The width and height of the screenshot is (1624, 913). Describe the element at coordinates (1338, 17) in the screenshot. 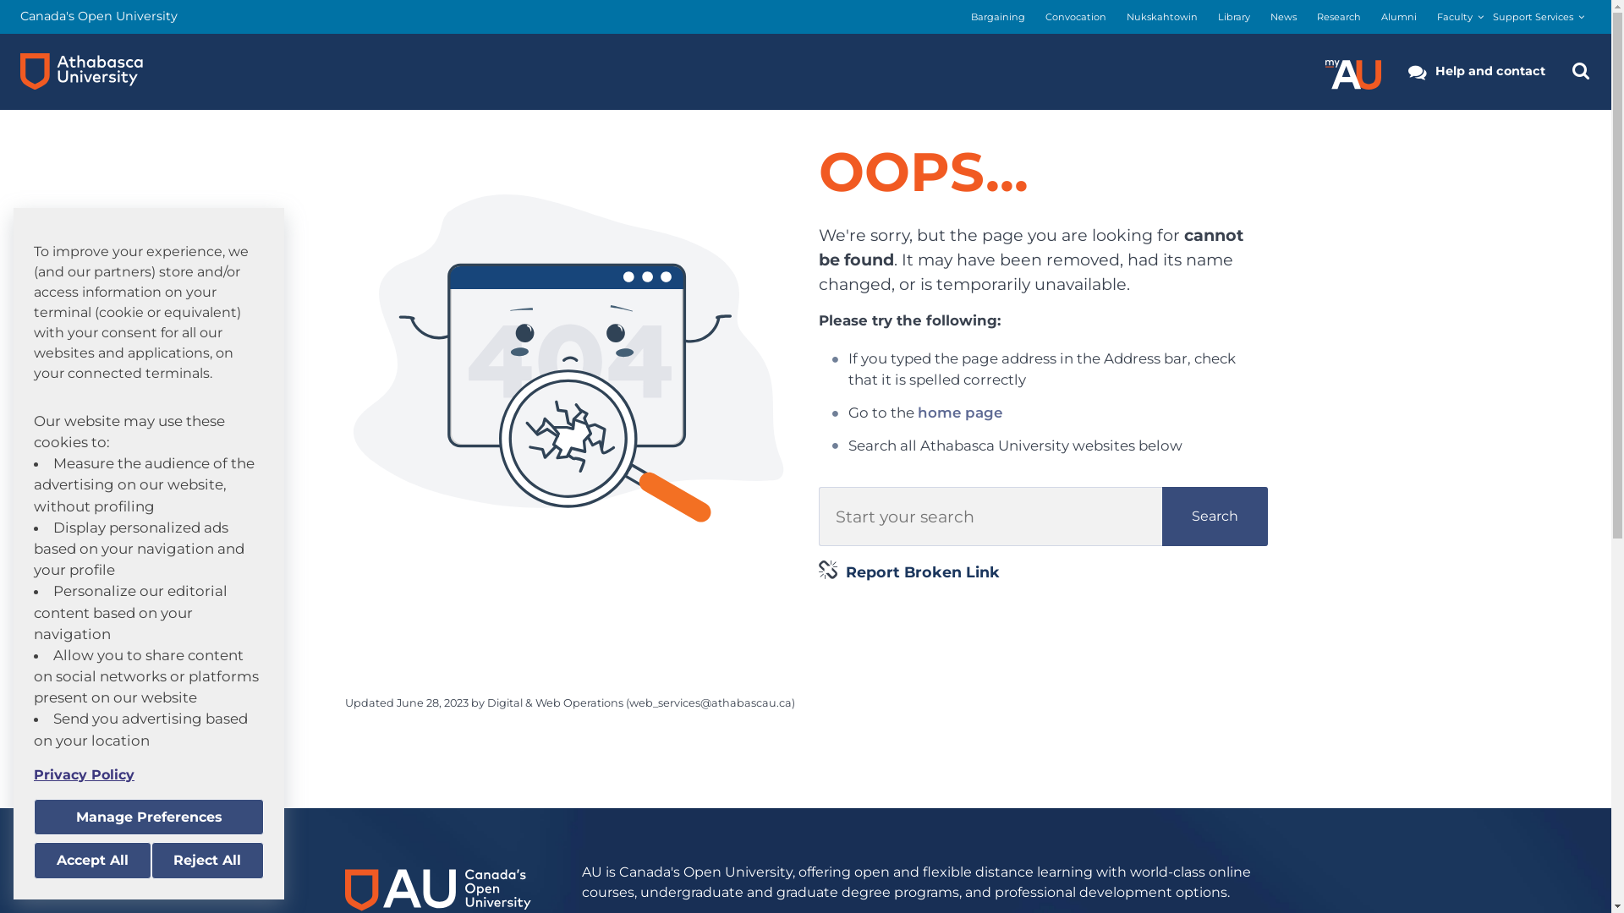

I see `'Research'` at that location.